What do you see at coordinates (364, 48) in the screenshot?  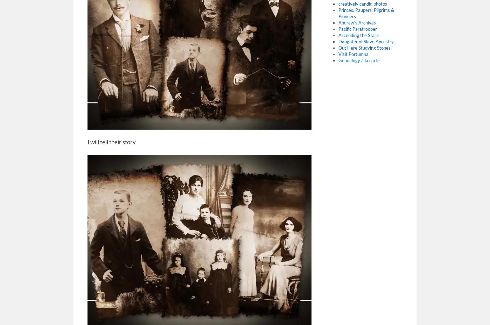 I see `'Out Here Studying Stones'` at bounding box center [364, 48].